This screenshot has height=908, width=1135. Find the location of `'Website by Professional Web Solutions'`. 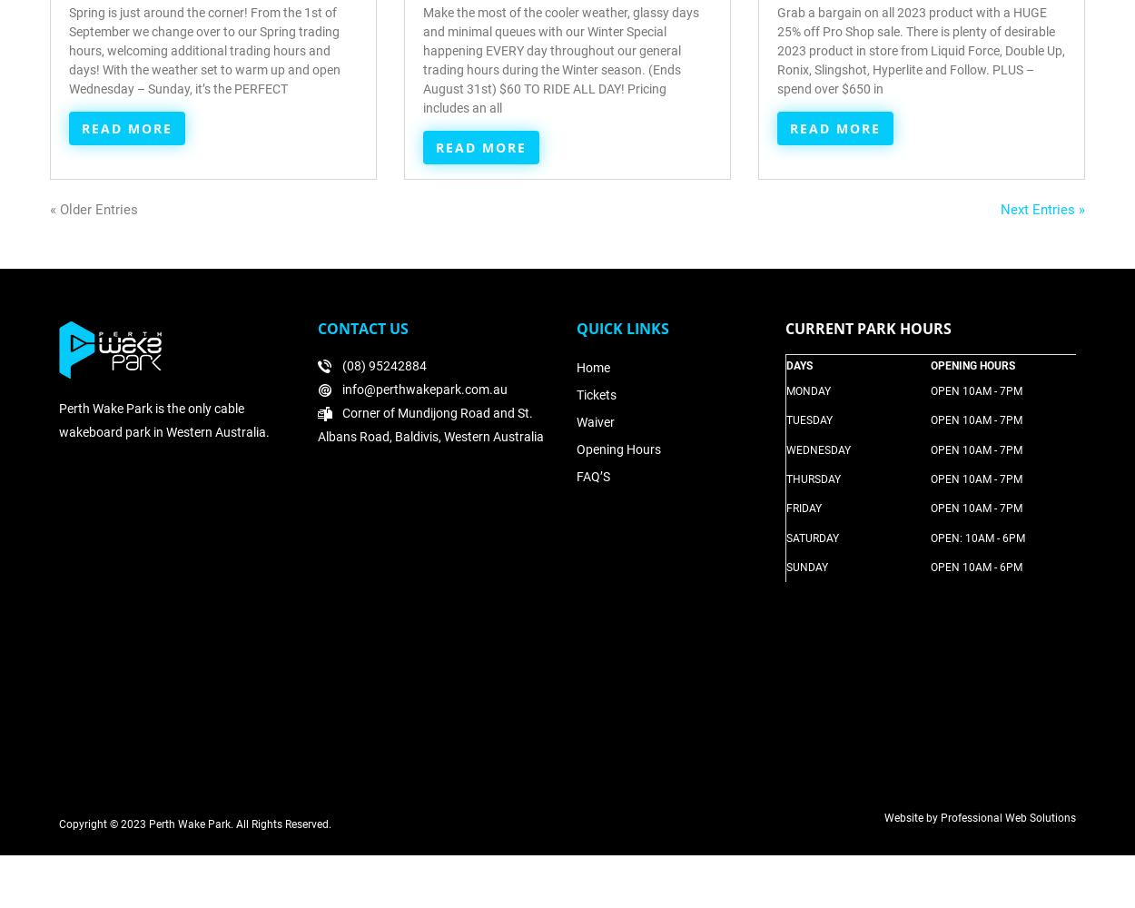

'Website by Professional Web Solutions' is located at coordinates (979, 817).